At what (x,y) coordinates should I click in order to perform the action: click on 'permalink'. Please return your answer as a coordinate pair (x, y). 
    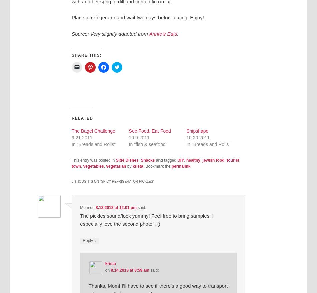
    Looking at the image, I should click on (181, 166).